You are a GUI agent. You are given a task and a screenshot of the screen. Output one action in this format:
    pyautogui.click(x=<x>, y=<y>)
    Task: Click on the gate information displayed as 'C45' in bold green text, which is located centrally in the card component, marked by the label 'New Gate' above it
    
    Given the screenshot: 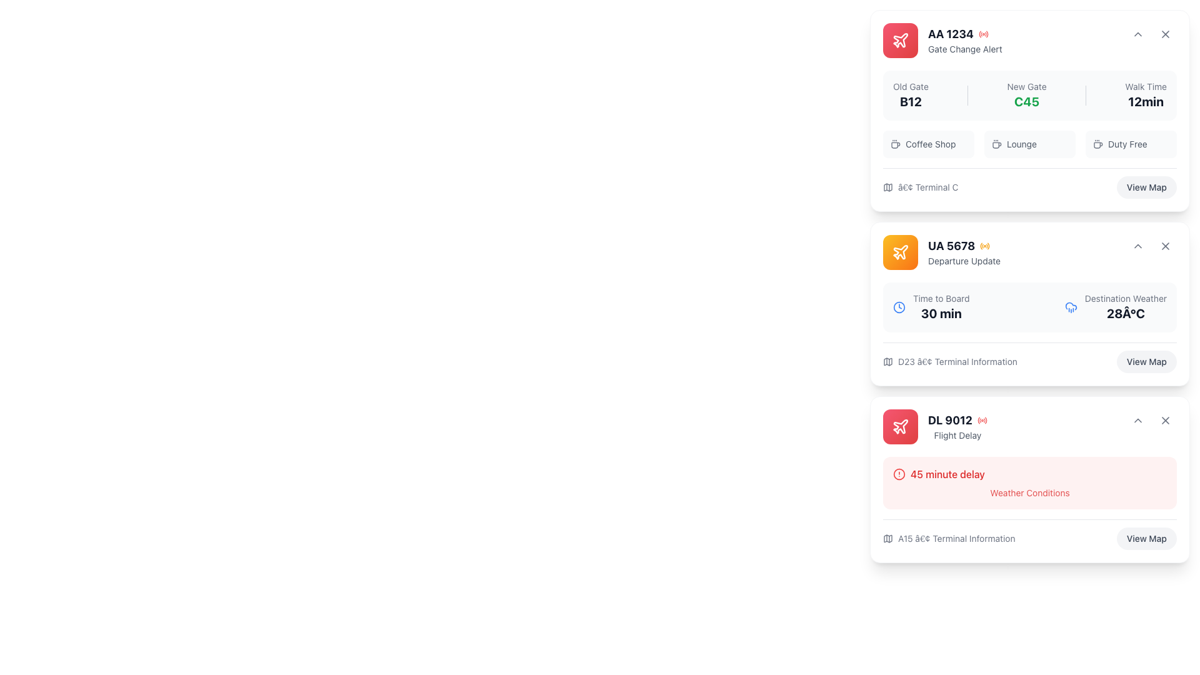 What is the action you would take?
    pyautogui.click(x=1027, y=95)
    